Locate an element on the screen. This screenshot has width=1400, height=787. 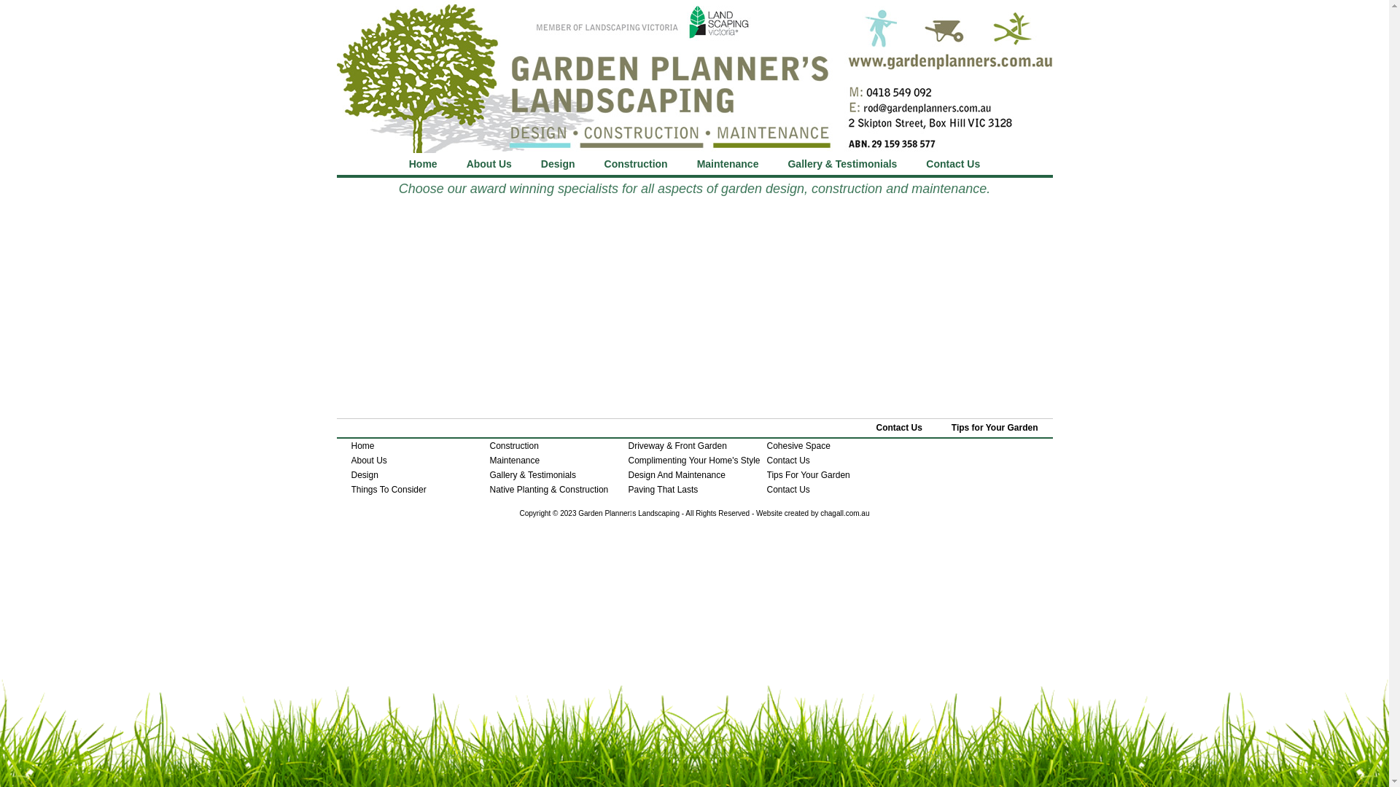
'Tips for Your Garden' is located at coordinates (994, 427).